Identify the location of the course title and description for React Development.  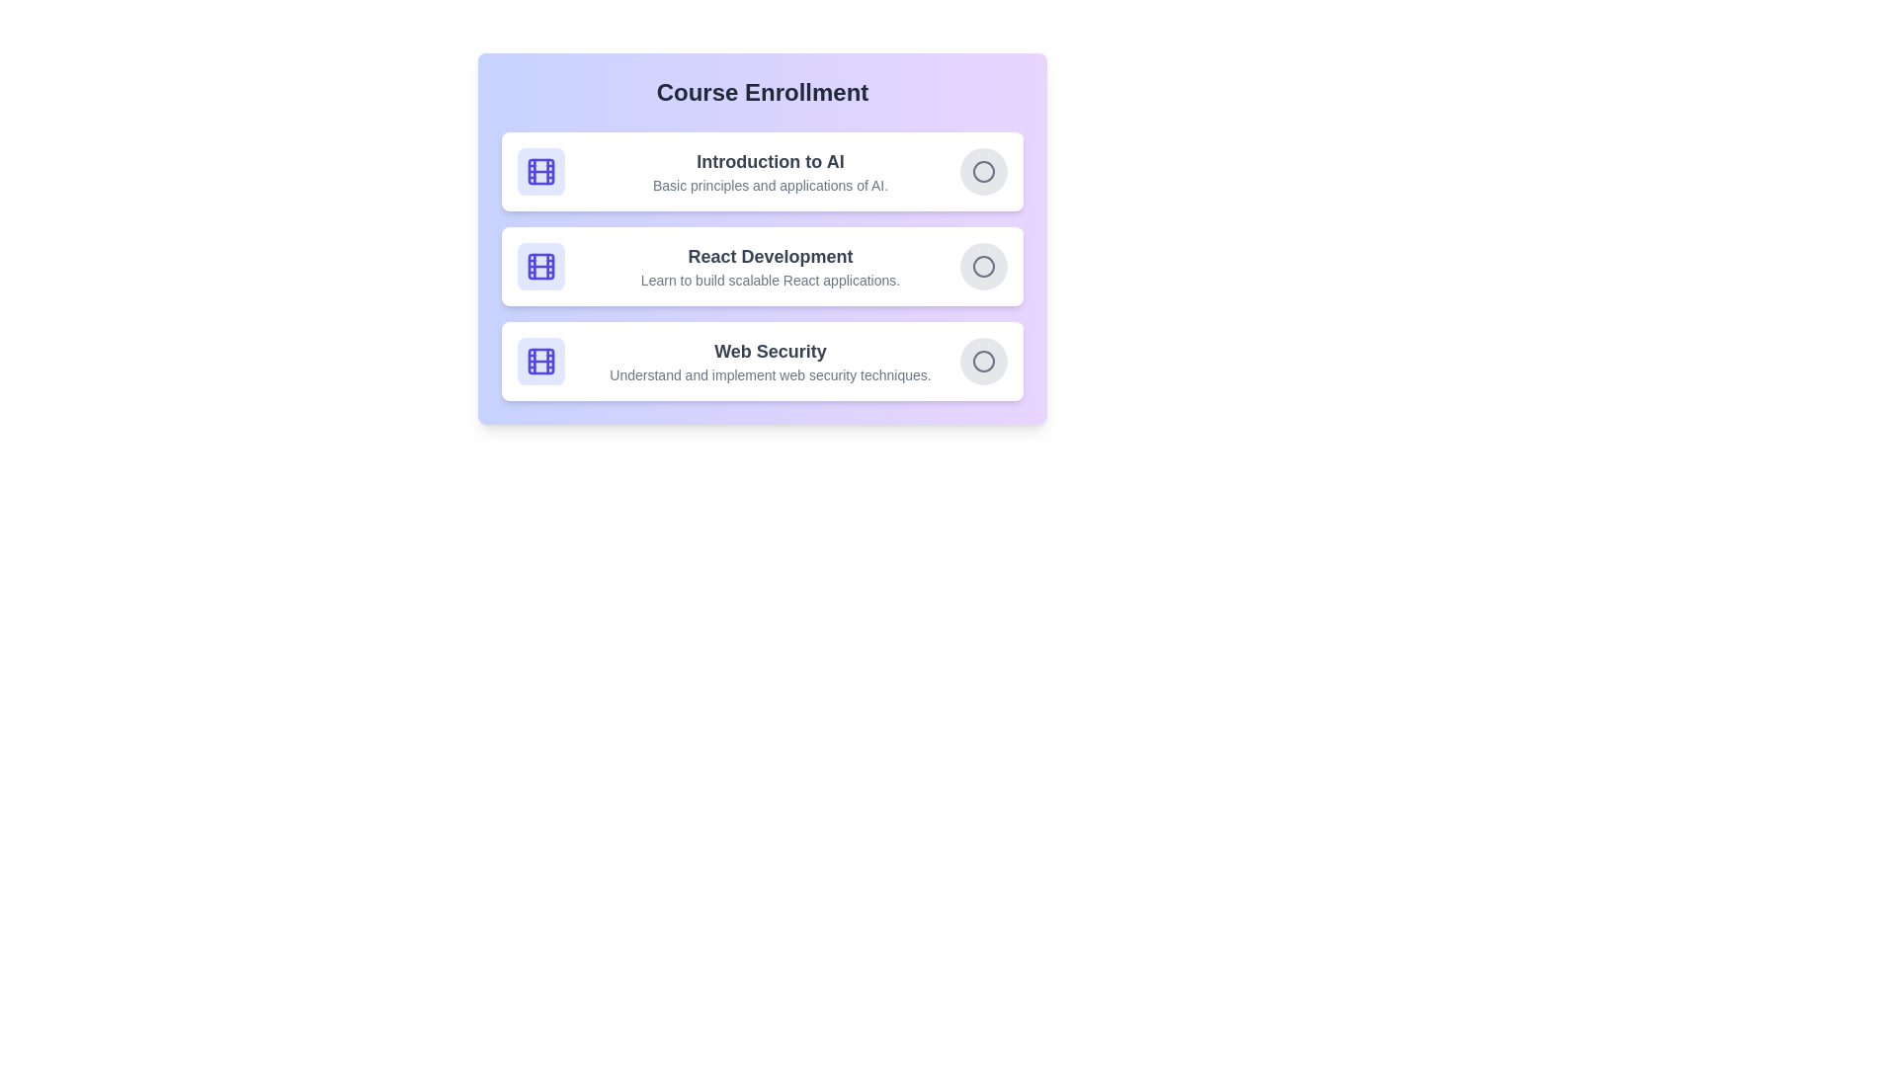
(769, 255).